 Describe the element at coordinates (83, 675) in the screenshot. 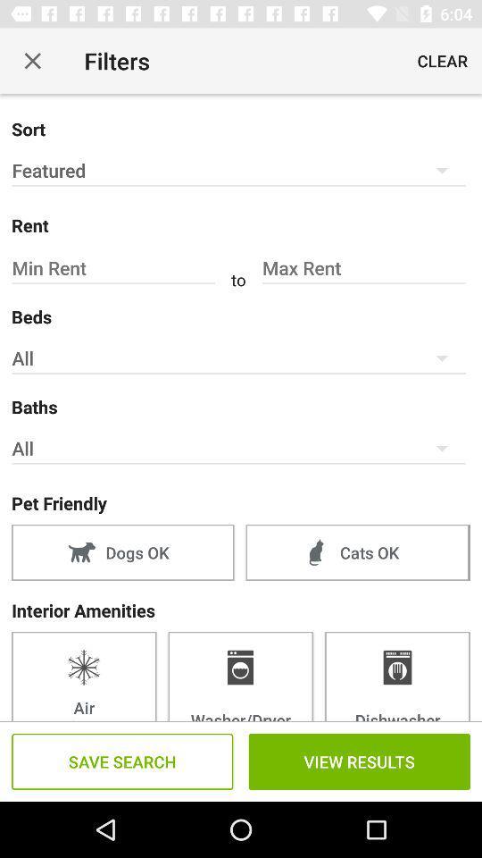

I see `the first box which is under the interior amenities` at that location.